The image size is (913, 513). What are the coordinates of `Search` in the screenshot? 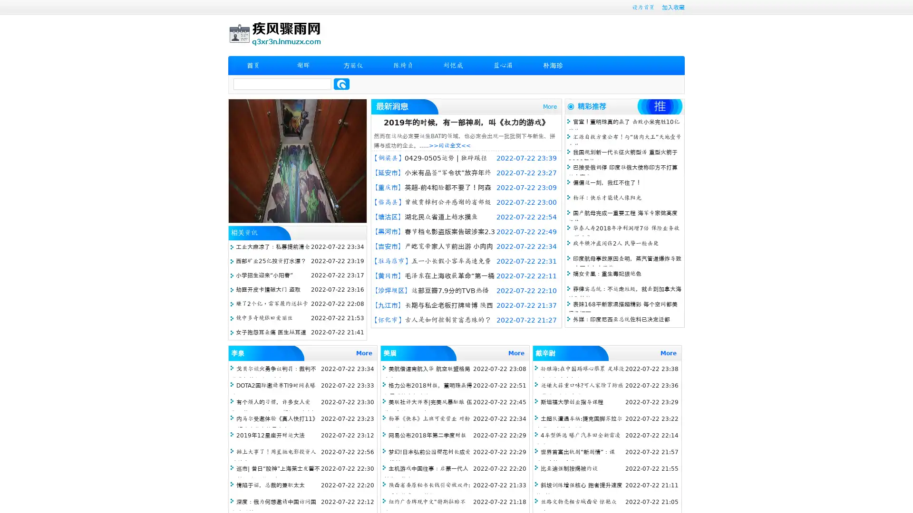 It's located at (341, 84).